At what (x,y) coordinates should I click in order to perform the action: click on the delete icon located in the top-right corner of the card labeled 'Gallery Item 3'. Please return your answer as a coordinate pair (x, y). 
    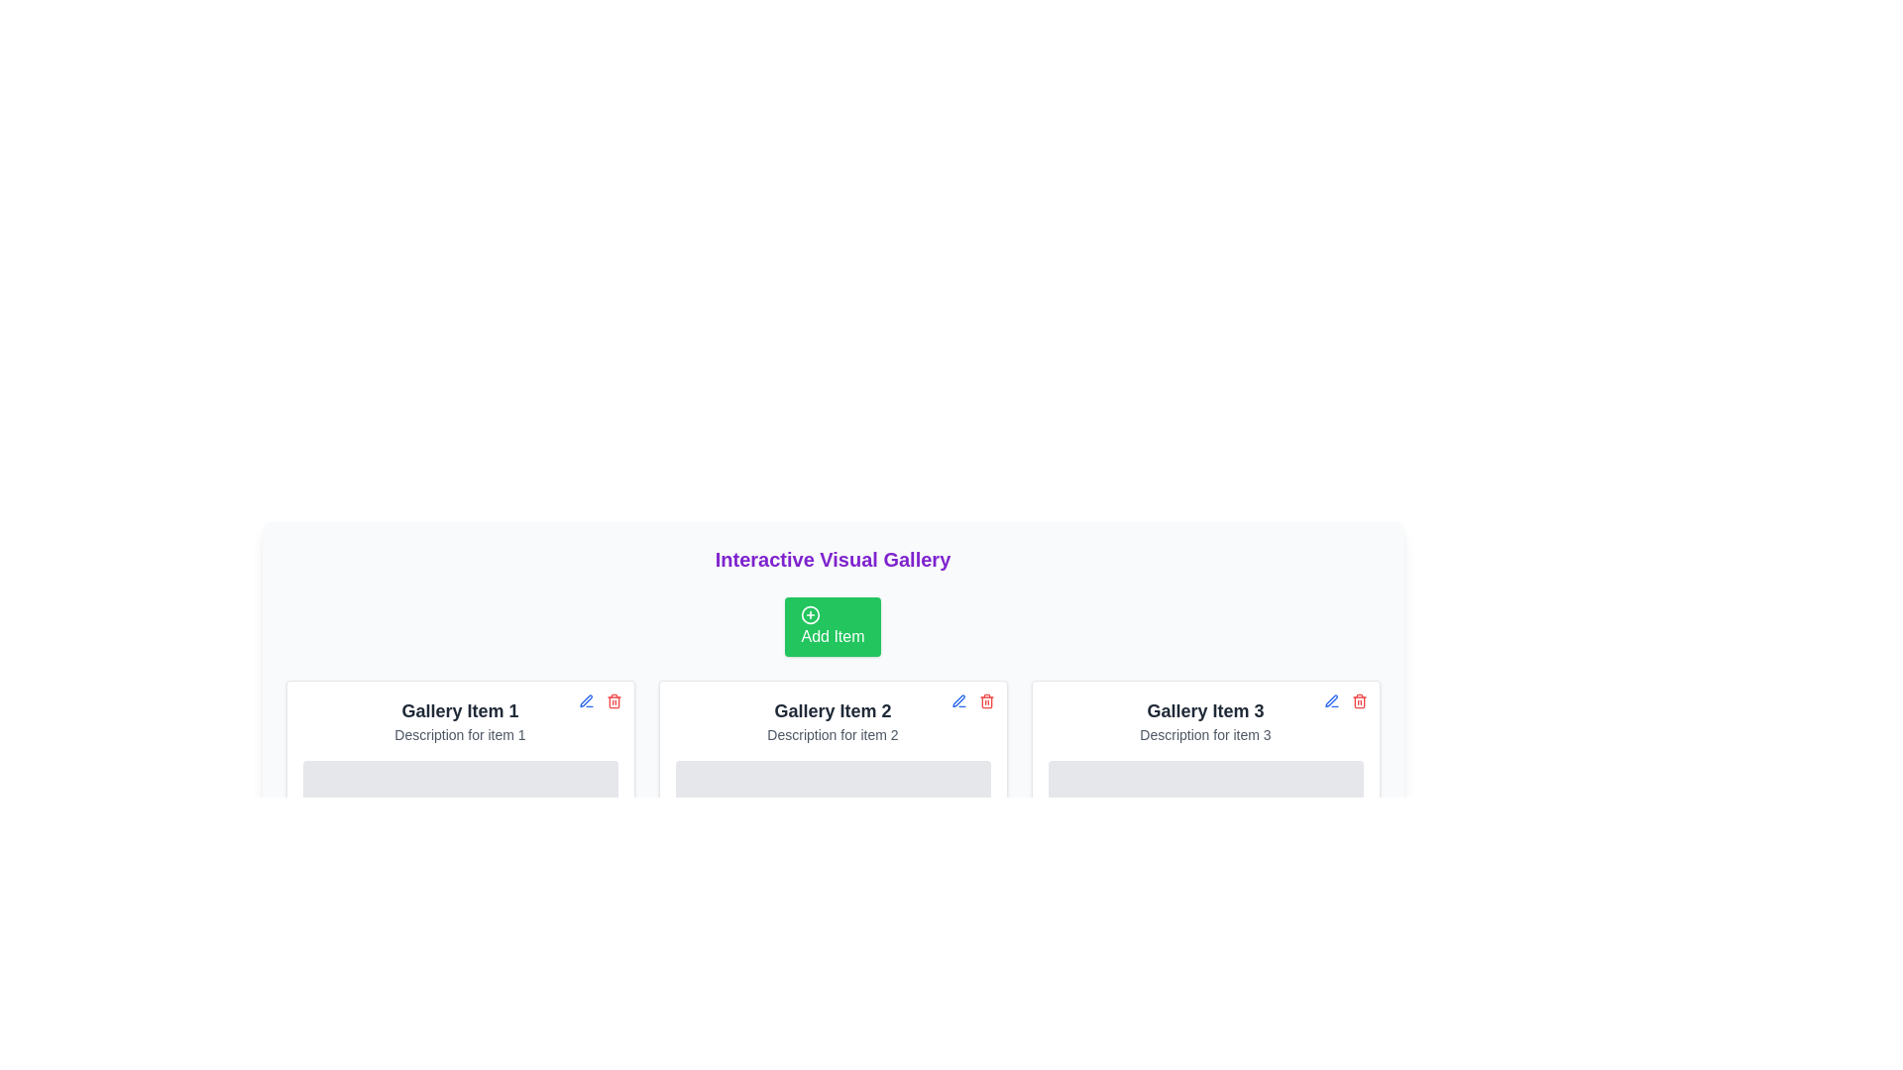
    Looking at the image, I should click on (1358, 700).